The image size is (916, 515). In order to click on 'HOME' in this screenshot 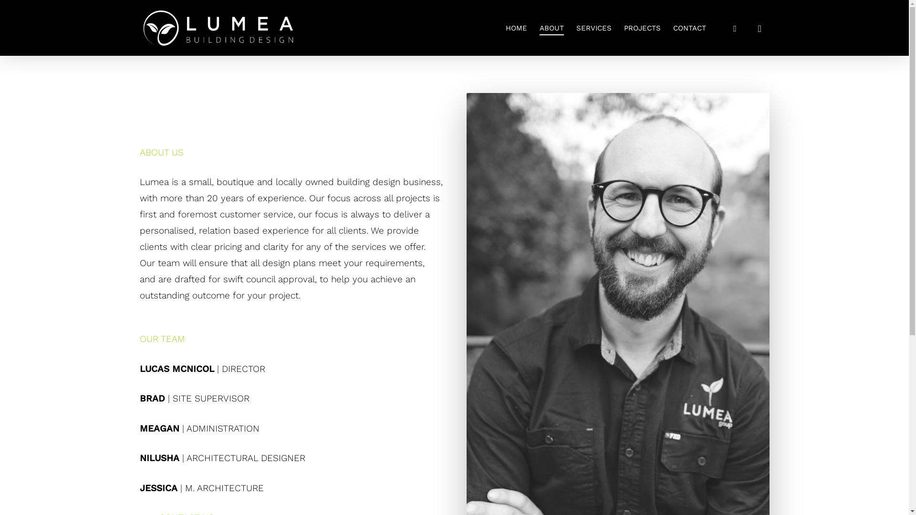, I will do `click(516, 27)`.